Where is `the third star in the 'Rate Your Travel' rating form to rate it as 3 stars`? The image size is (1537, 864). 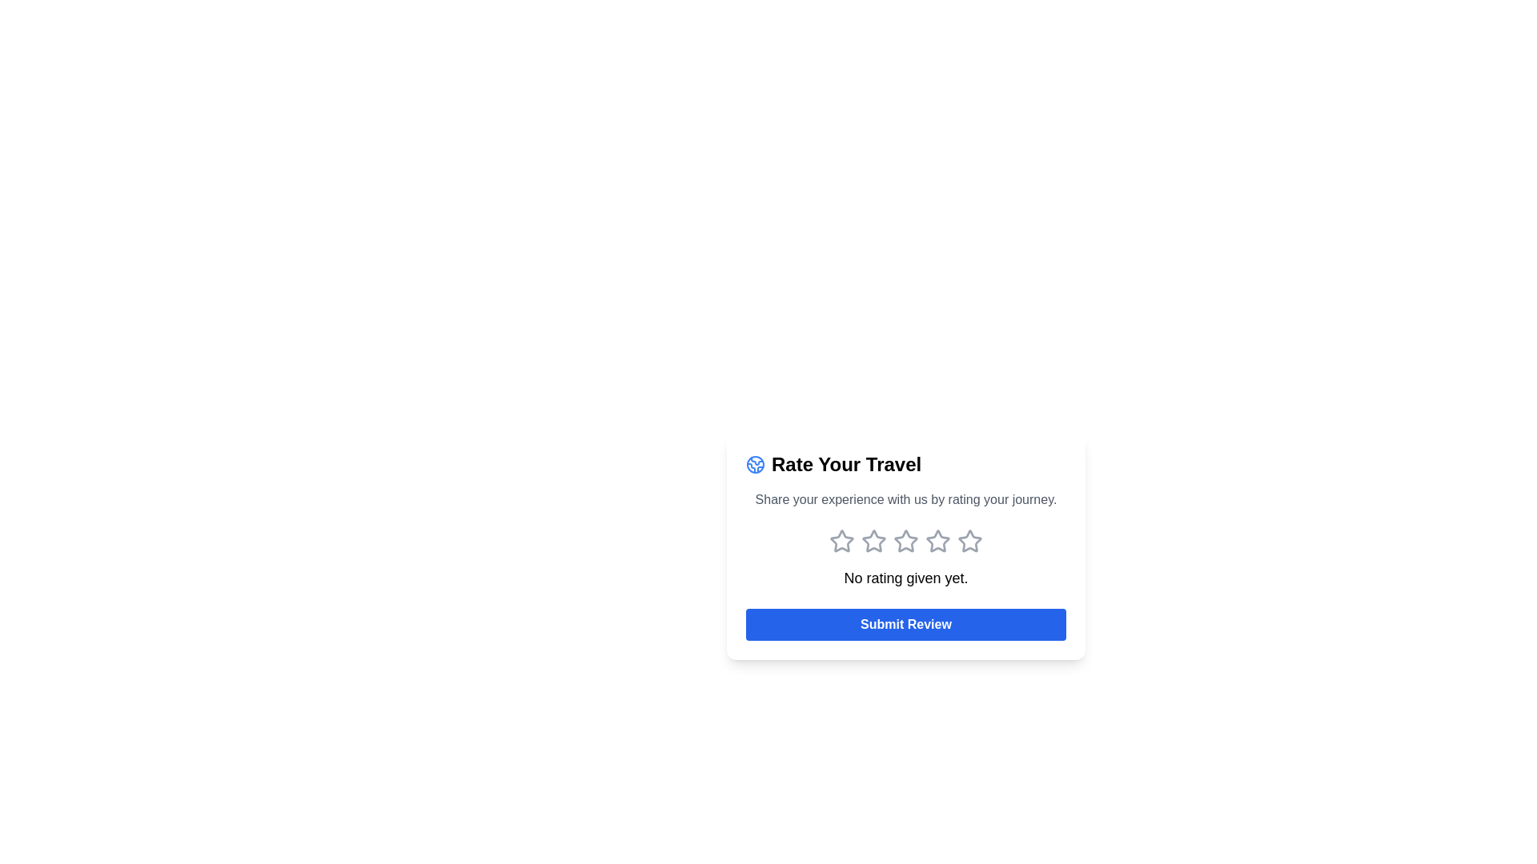 the third star in the 'Rate Your Travel' rating form to rate it as 3 stars is located at coordinates (906, 541).